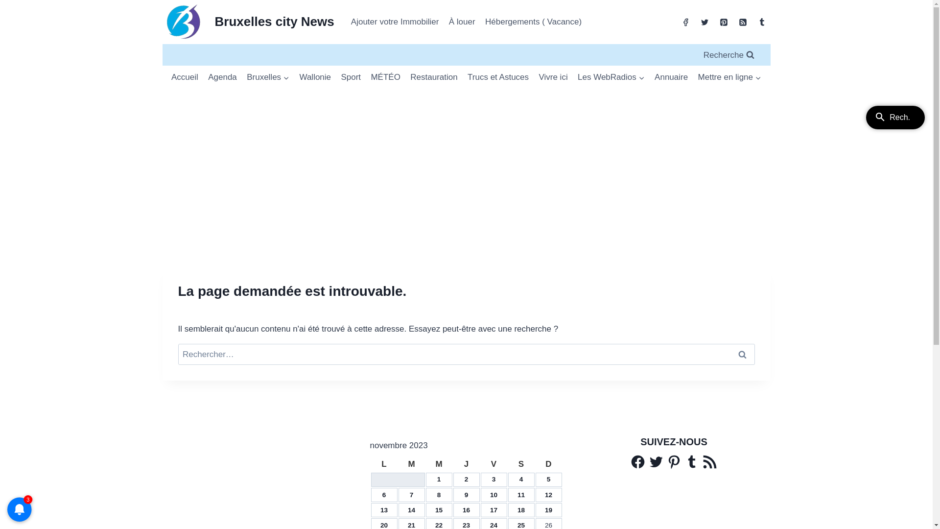 The height and width of the screenshot is (529, 940). I want to click on 'Mettre en ligne', so click(729, 77).